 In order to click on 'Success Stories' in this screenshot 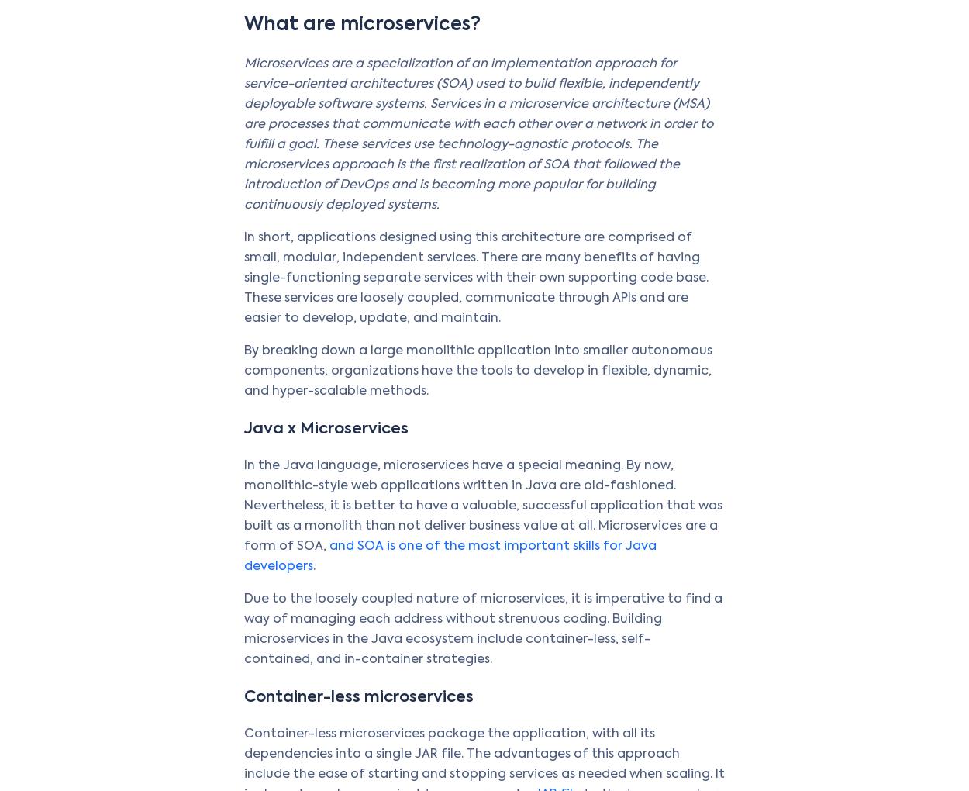, I will do `click(532, 475)`.